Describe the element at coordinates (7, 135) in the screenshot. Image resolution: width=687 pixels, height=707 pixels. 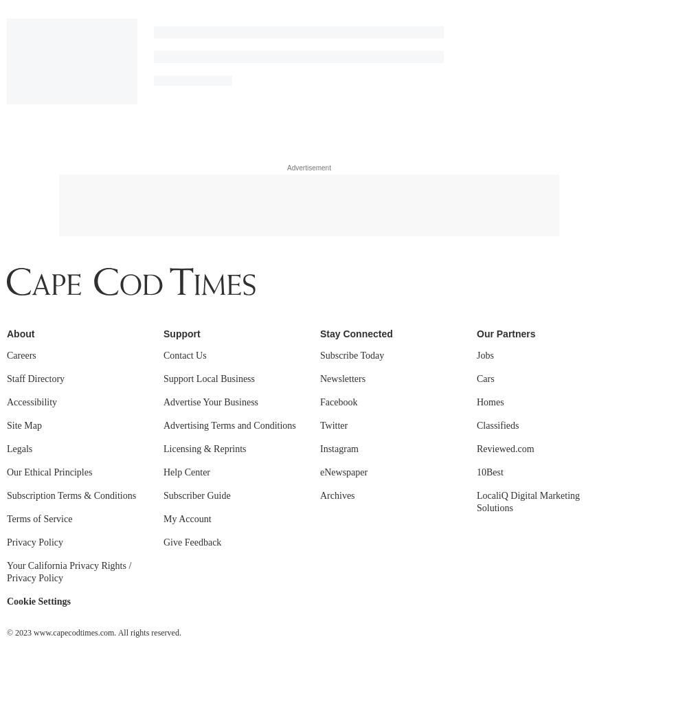
I see `'Terms of Service'` at that location.